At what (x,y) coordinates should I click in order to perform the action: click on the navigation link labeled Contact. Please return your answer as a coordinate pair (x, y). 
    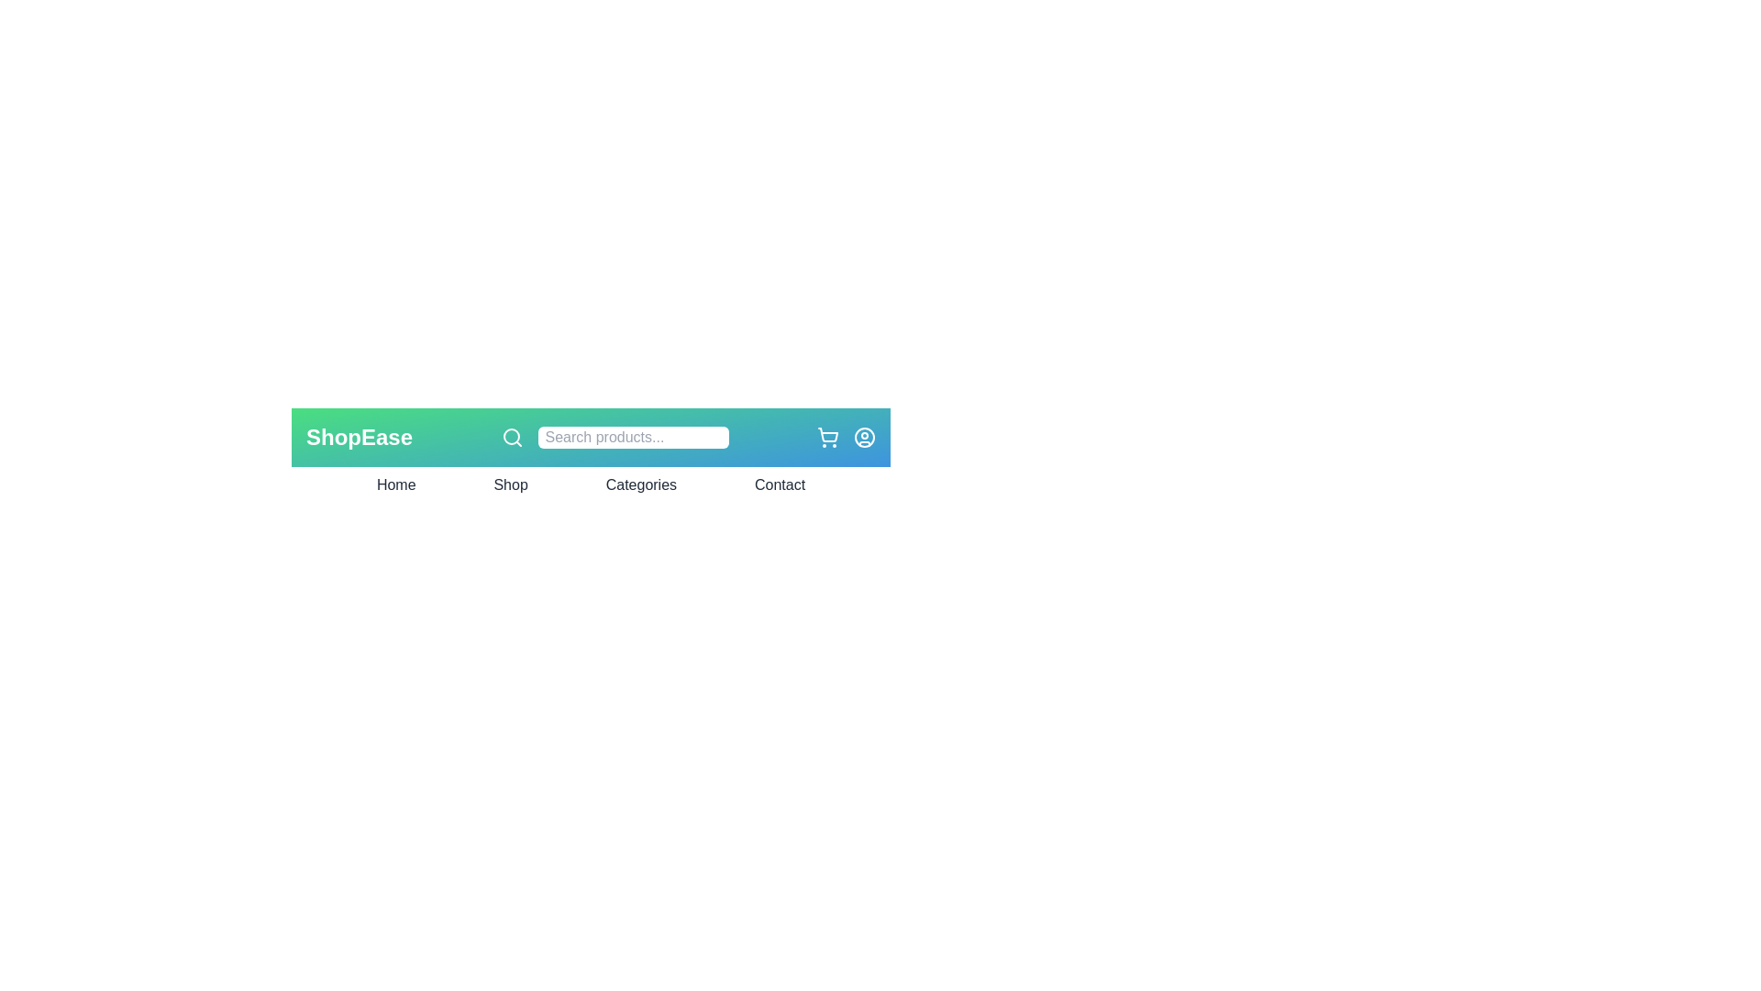
    Looking at the image, I should click on (779, 484).